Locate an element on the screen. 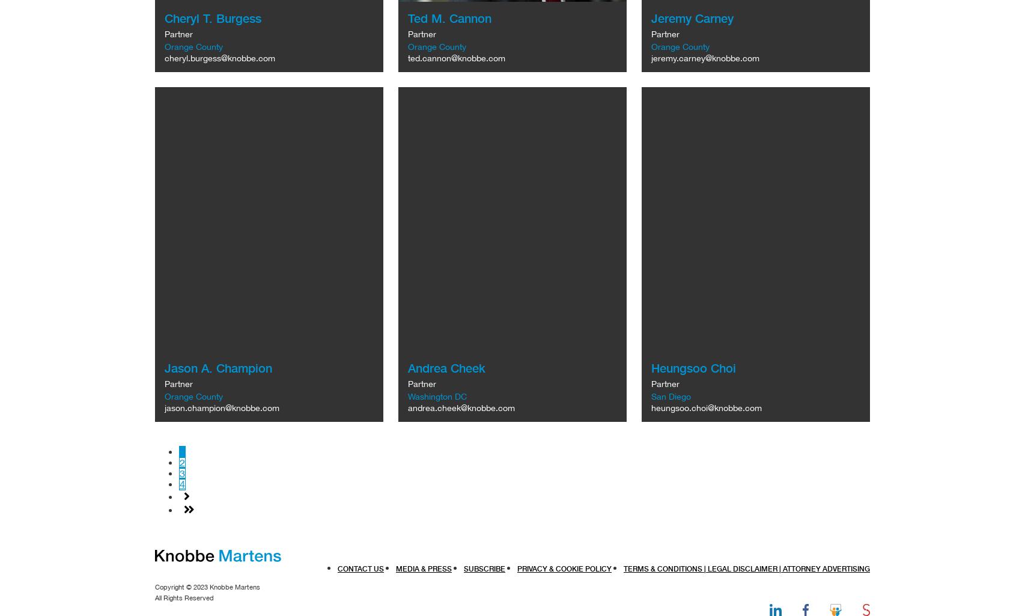 The image size is (1025, 616). 'jeremy.carney@knobbe.com' is located at coordinates (705, 58).